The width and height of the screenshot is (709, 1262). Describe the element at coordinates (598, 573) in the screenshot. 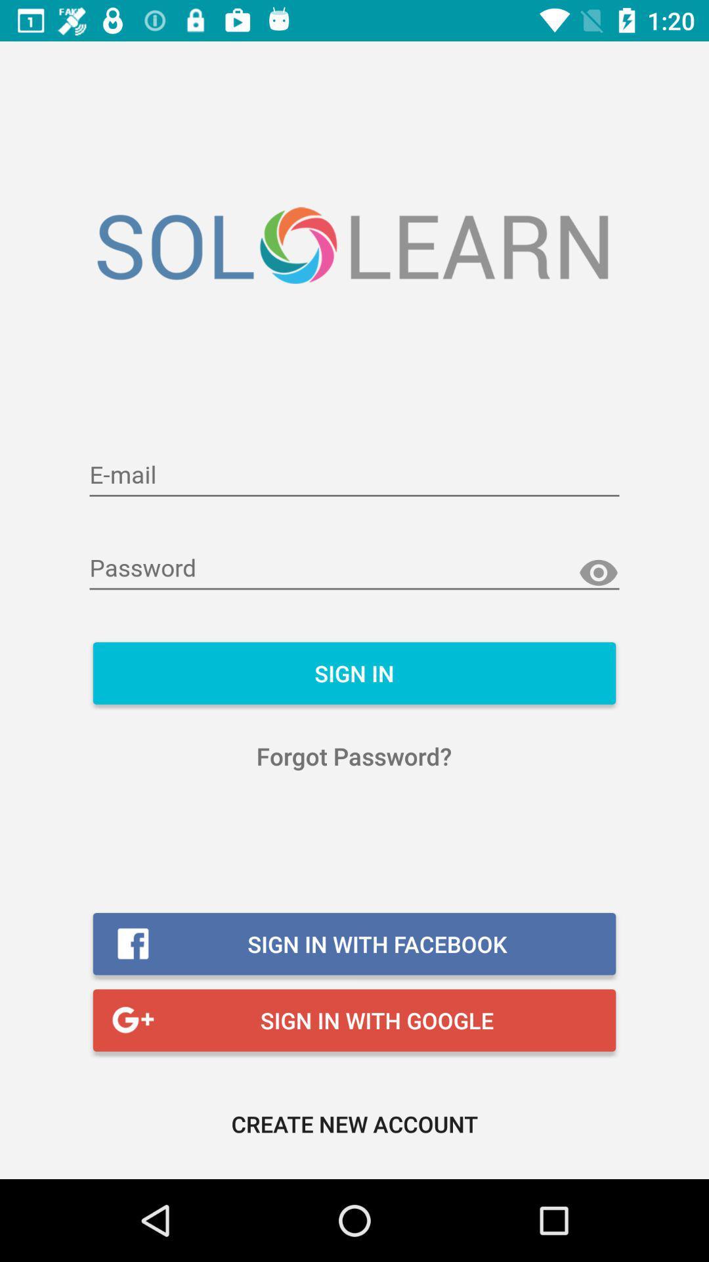

I see `see characters` at that location.